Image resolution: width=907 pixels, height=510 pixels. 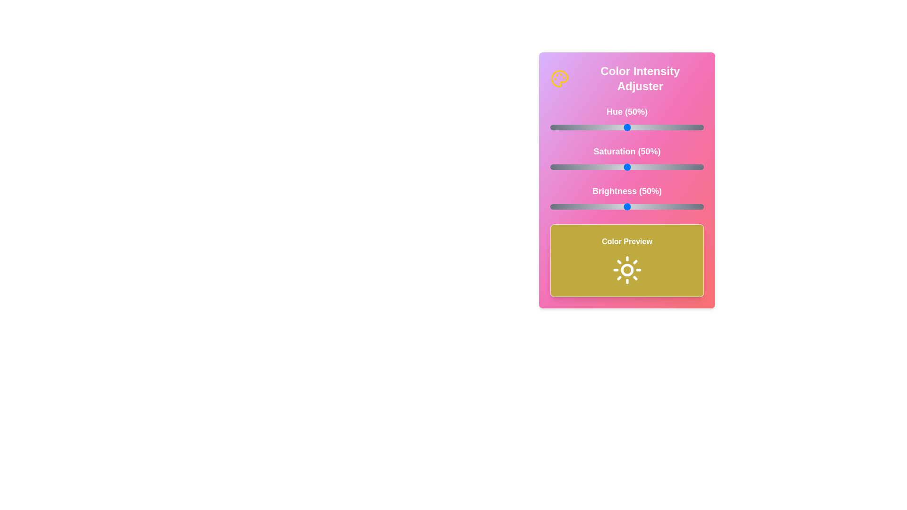 What do you see at coordinates (650, 206) in the screenshot?
I see `the brightness slider to 65%` at bounding box center [650, 206].